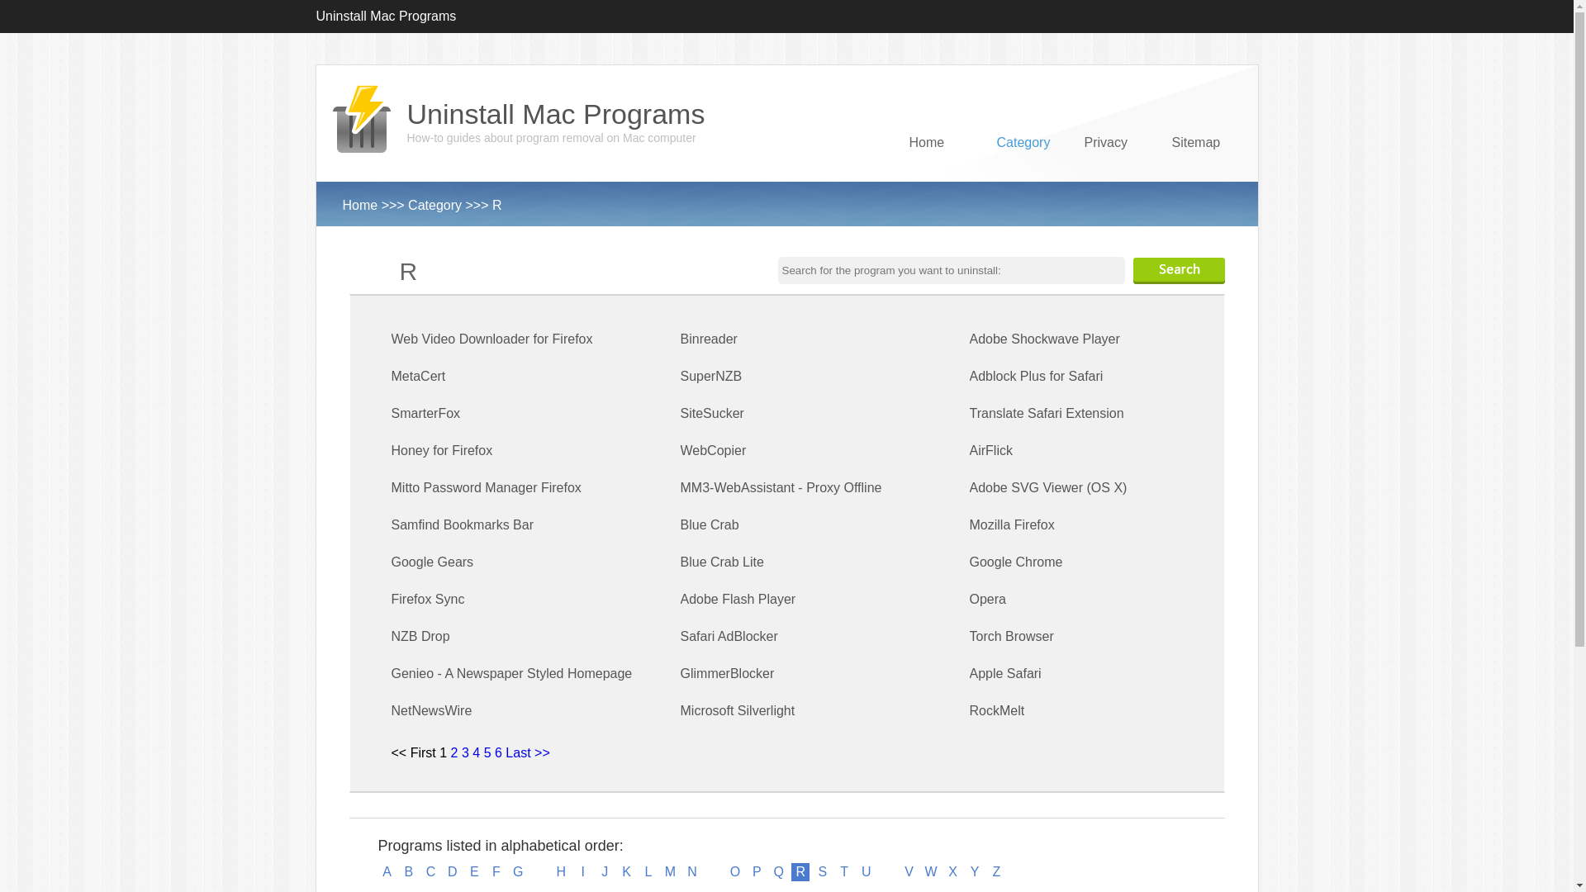 Image resolution: width=1586 pixels, height=892 pixels. Describe the element at coordinates (800, 871) in the screenshot. I see `'R'` at that location.